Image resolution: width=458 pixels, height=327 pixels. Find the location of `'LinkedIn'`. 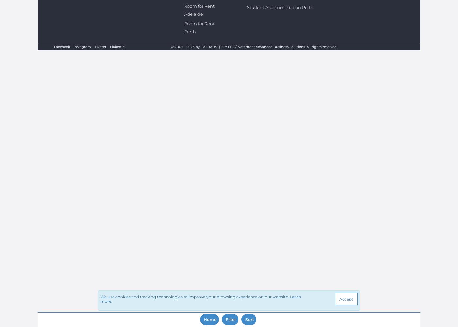

'LinkedIn' is located at coordinates (117, 47).